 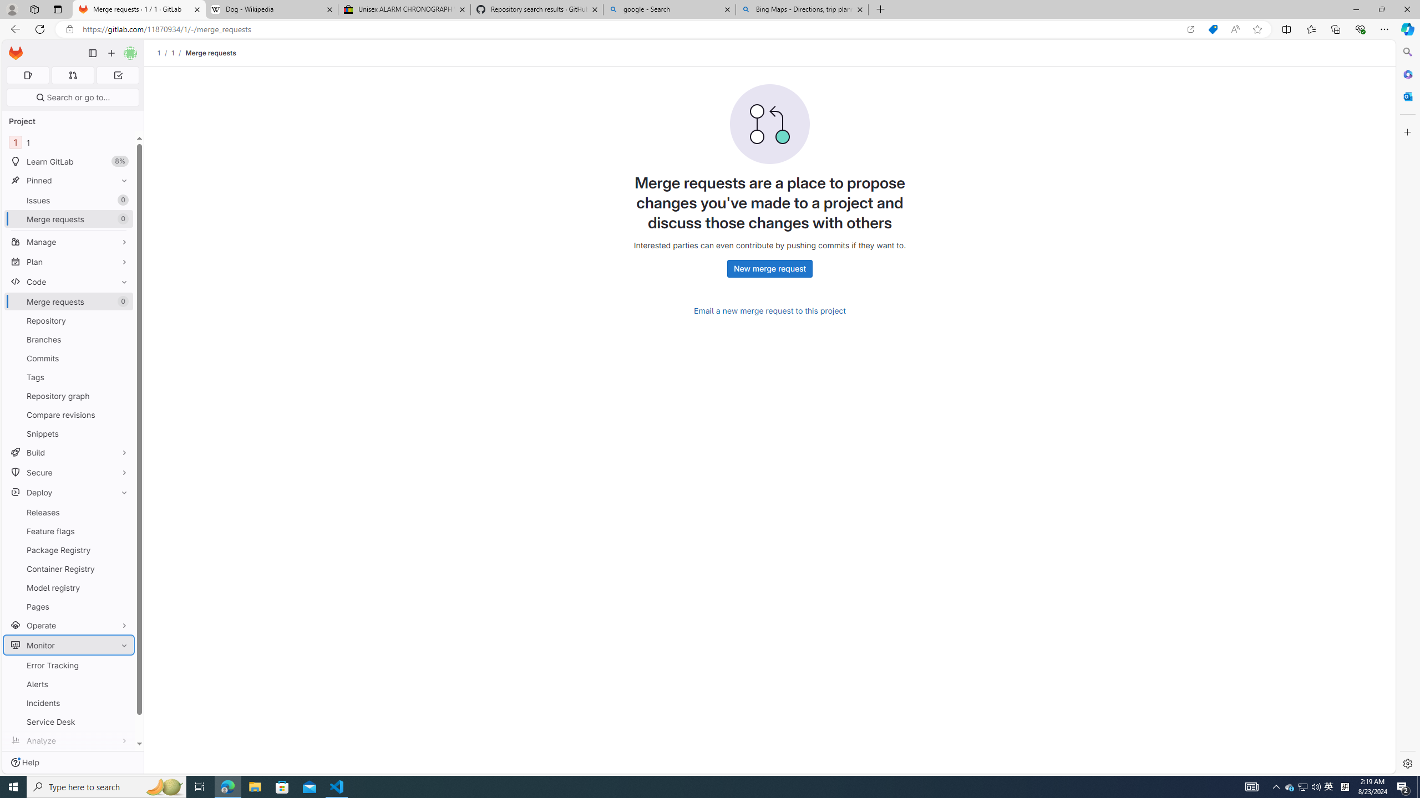 What do you see at coordinates (68, 142) in the screenshot?
I see `'1 1'` at bounding box center [68, 142].